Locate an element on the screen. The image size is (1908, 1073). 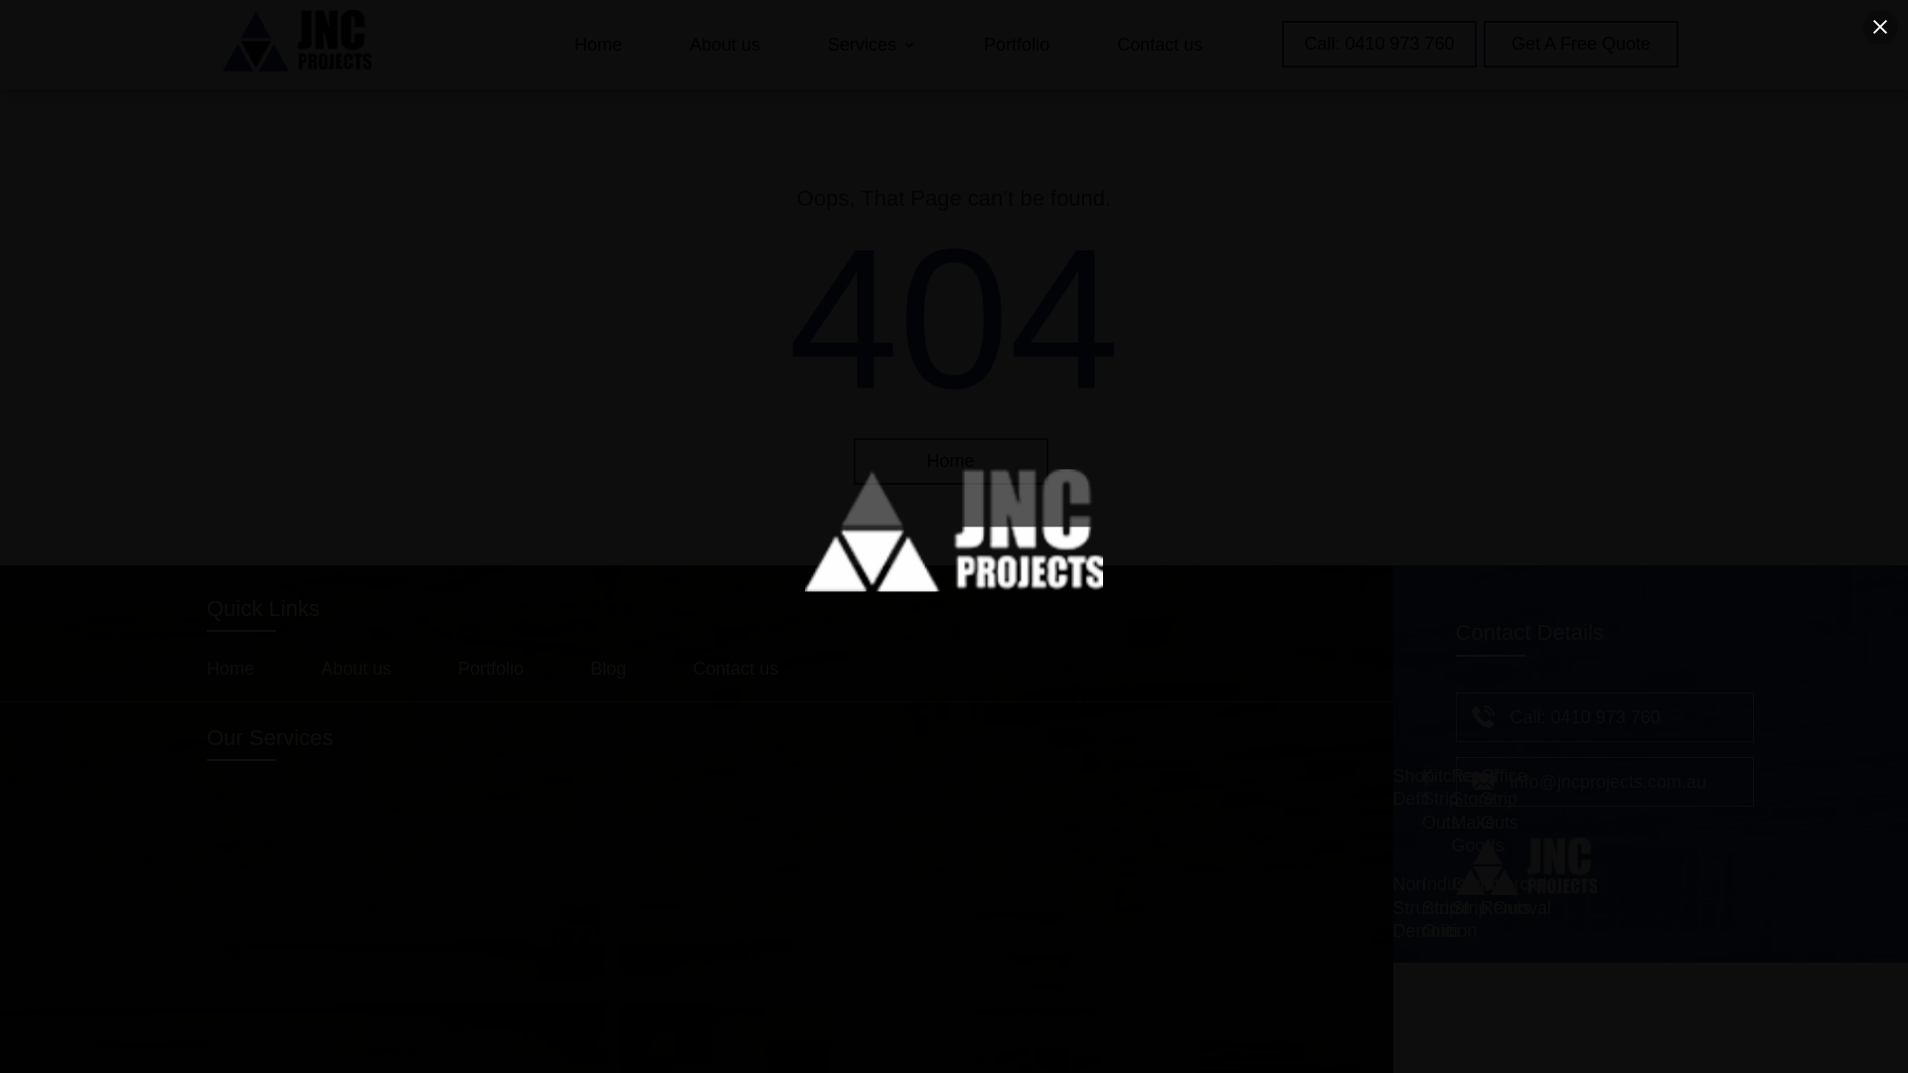
'Commercial Strip Outs' is located at coordinates (1499, 912).